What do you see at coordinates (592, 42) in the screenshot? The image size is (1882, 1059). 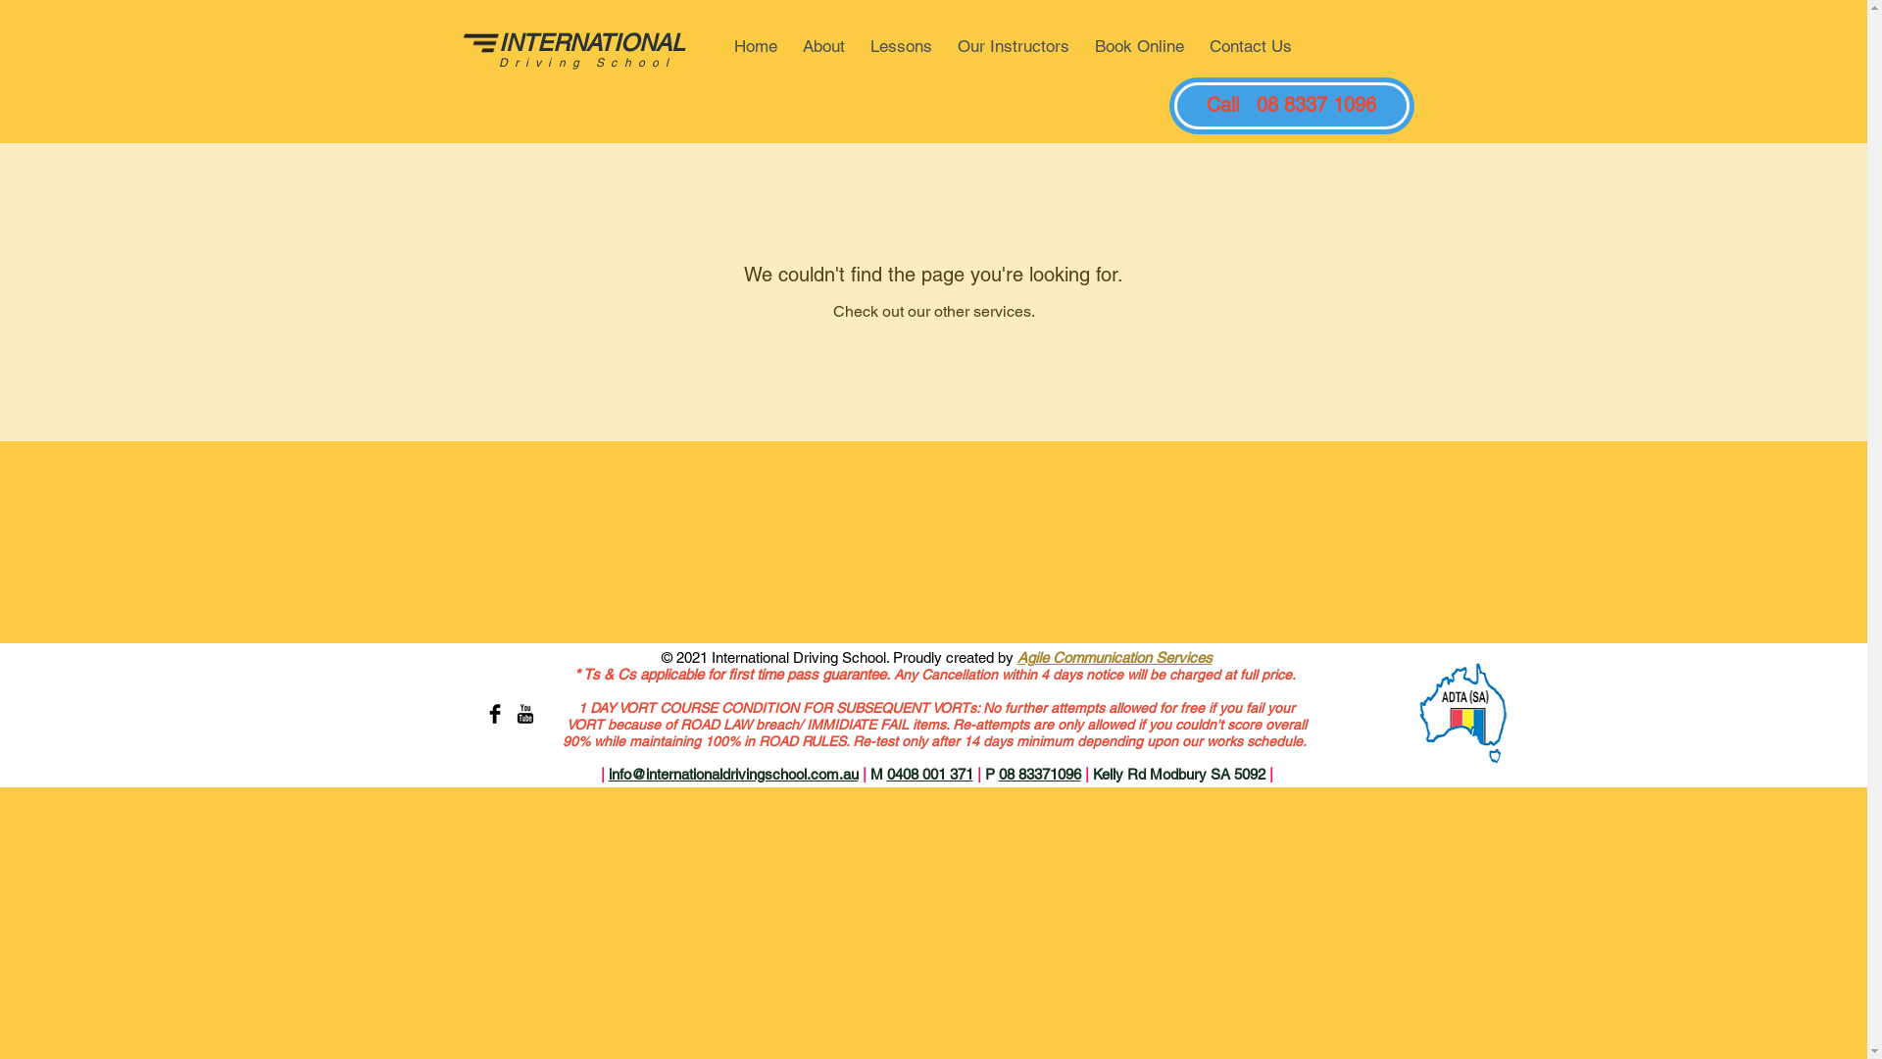 I see `'INTERNATIONAL '` at bounding box center [592, 42].